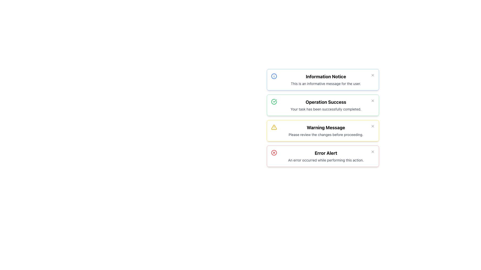  I want to click on the 'Information Notice' title text label located at the top of the notification panel, which serves to indicate the type of notification to the user, so click(326, 77).